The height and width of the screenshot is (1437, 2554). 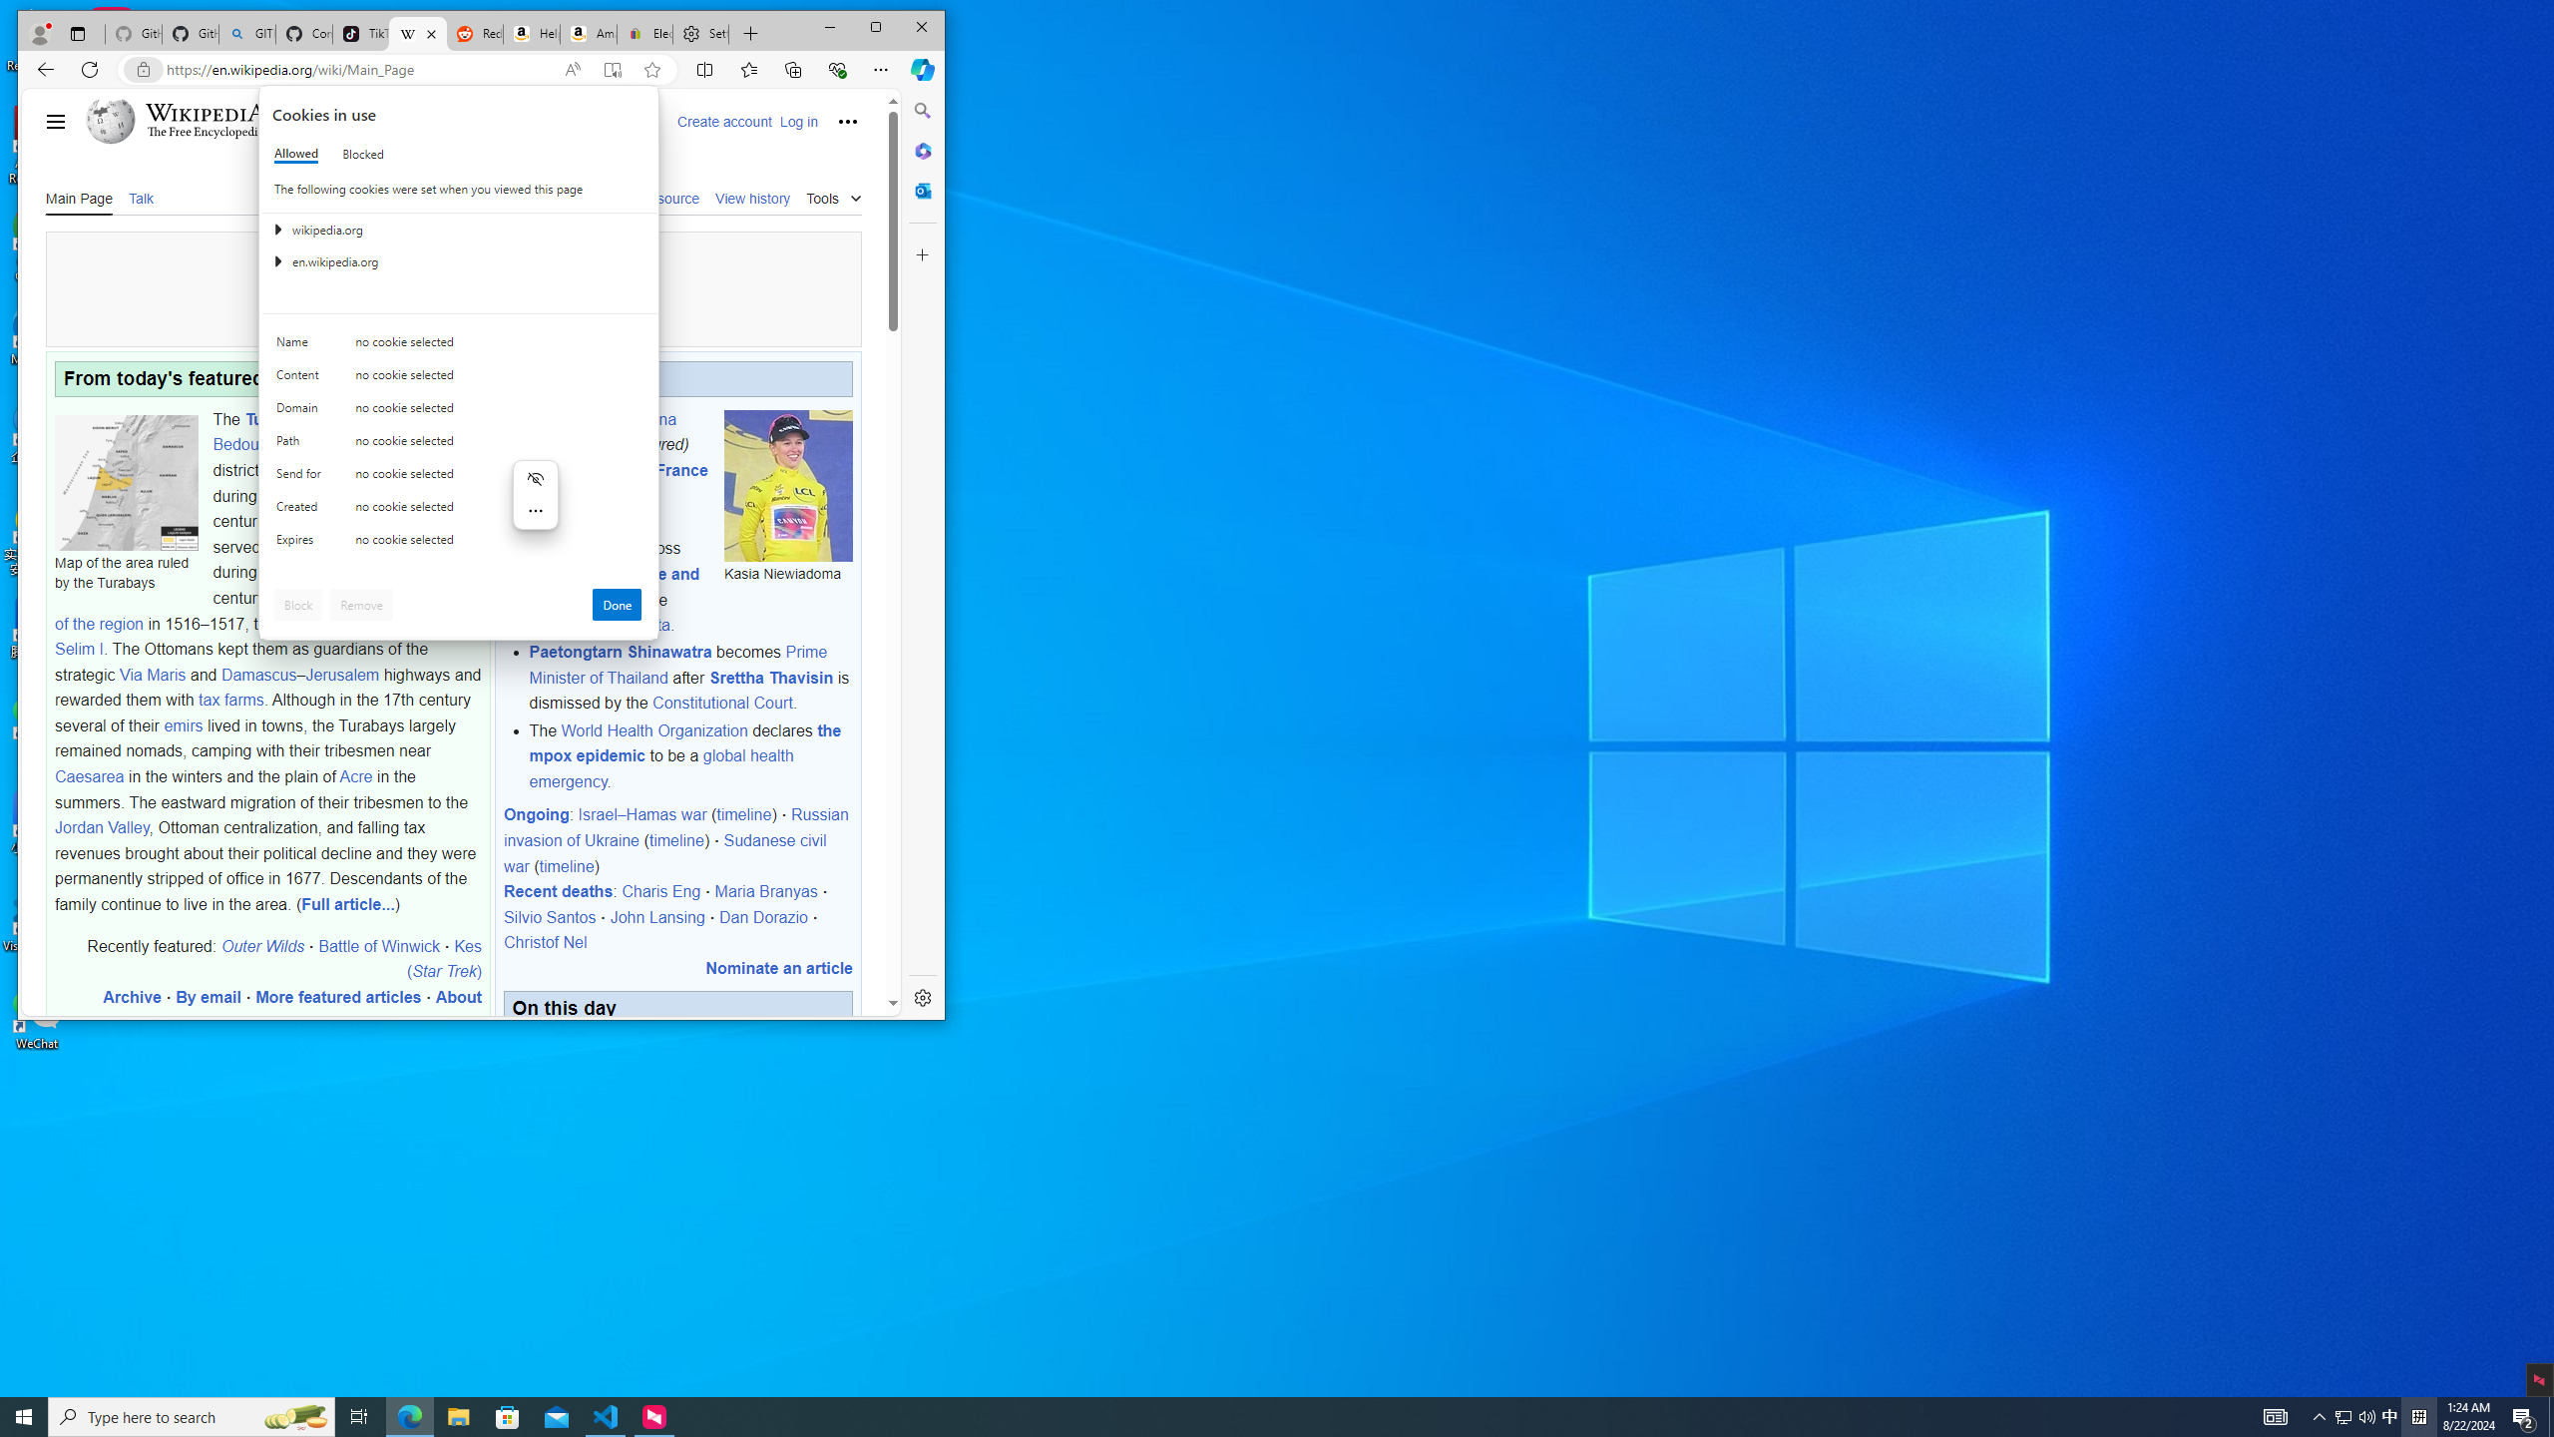 What do you see at coordinates (301, 543) in the screenshot?
I see `'Expires'` at bounding box center [301, 543].